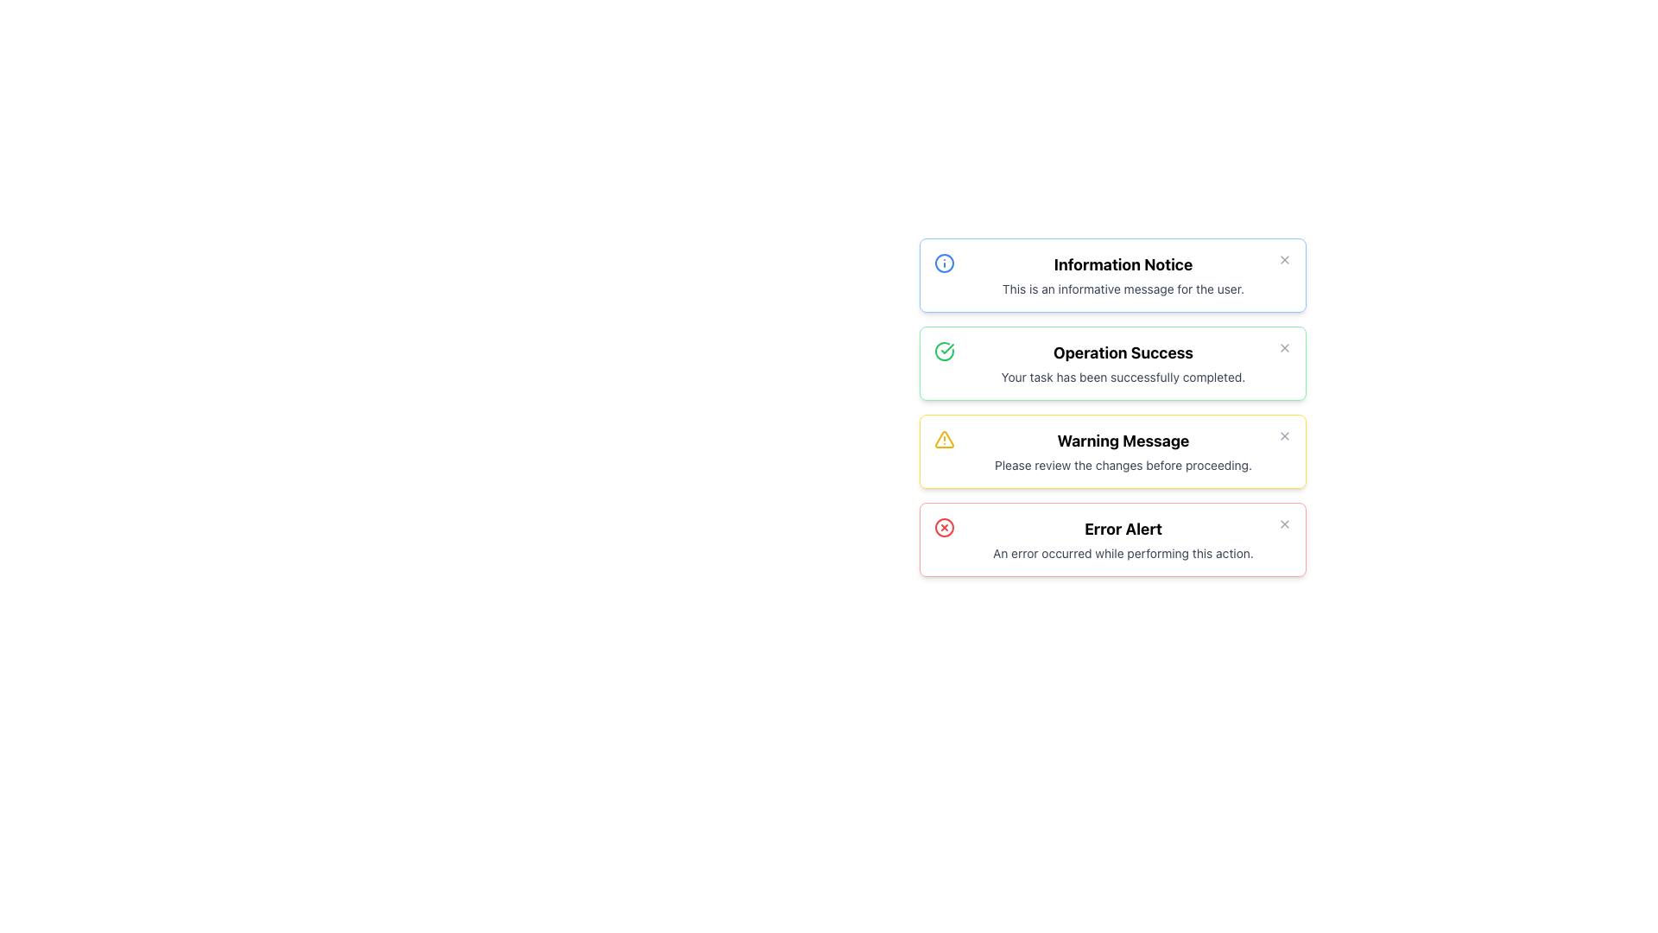  Describe the element at coordinates (1285, 347) in the screenshot. I see `the close button located at the top-right corner of the green-highlighted success notification card to change its color` at that location.